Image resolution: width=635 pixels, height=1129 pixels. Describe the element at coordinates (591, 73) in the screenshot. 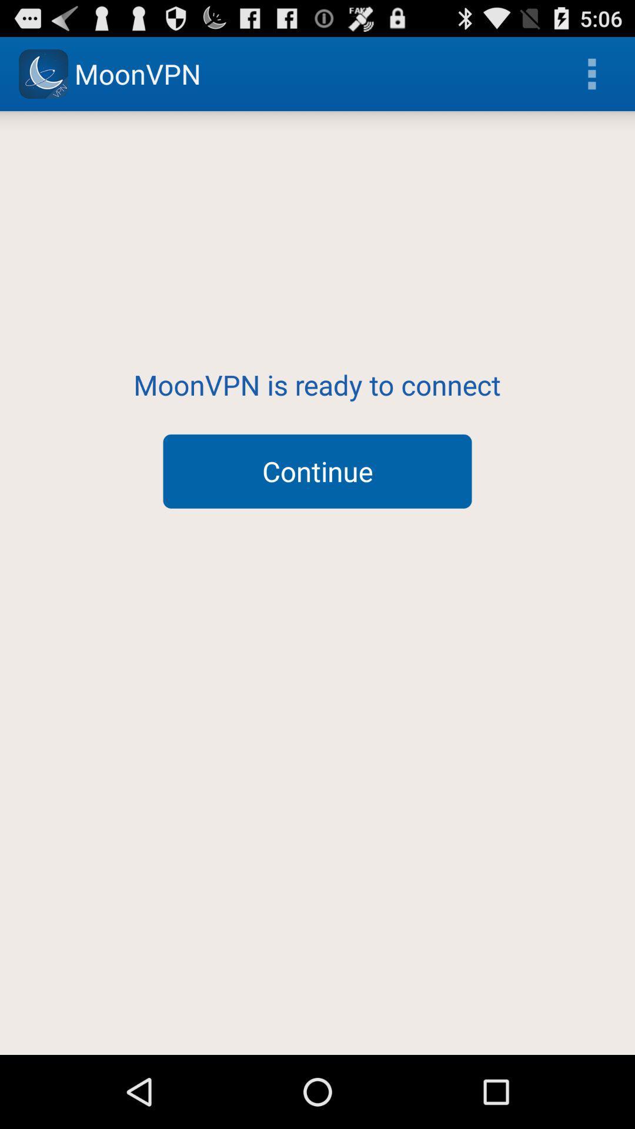

I see `item to the right of moonvpn icon` at that location.